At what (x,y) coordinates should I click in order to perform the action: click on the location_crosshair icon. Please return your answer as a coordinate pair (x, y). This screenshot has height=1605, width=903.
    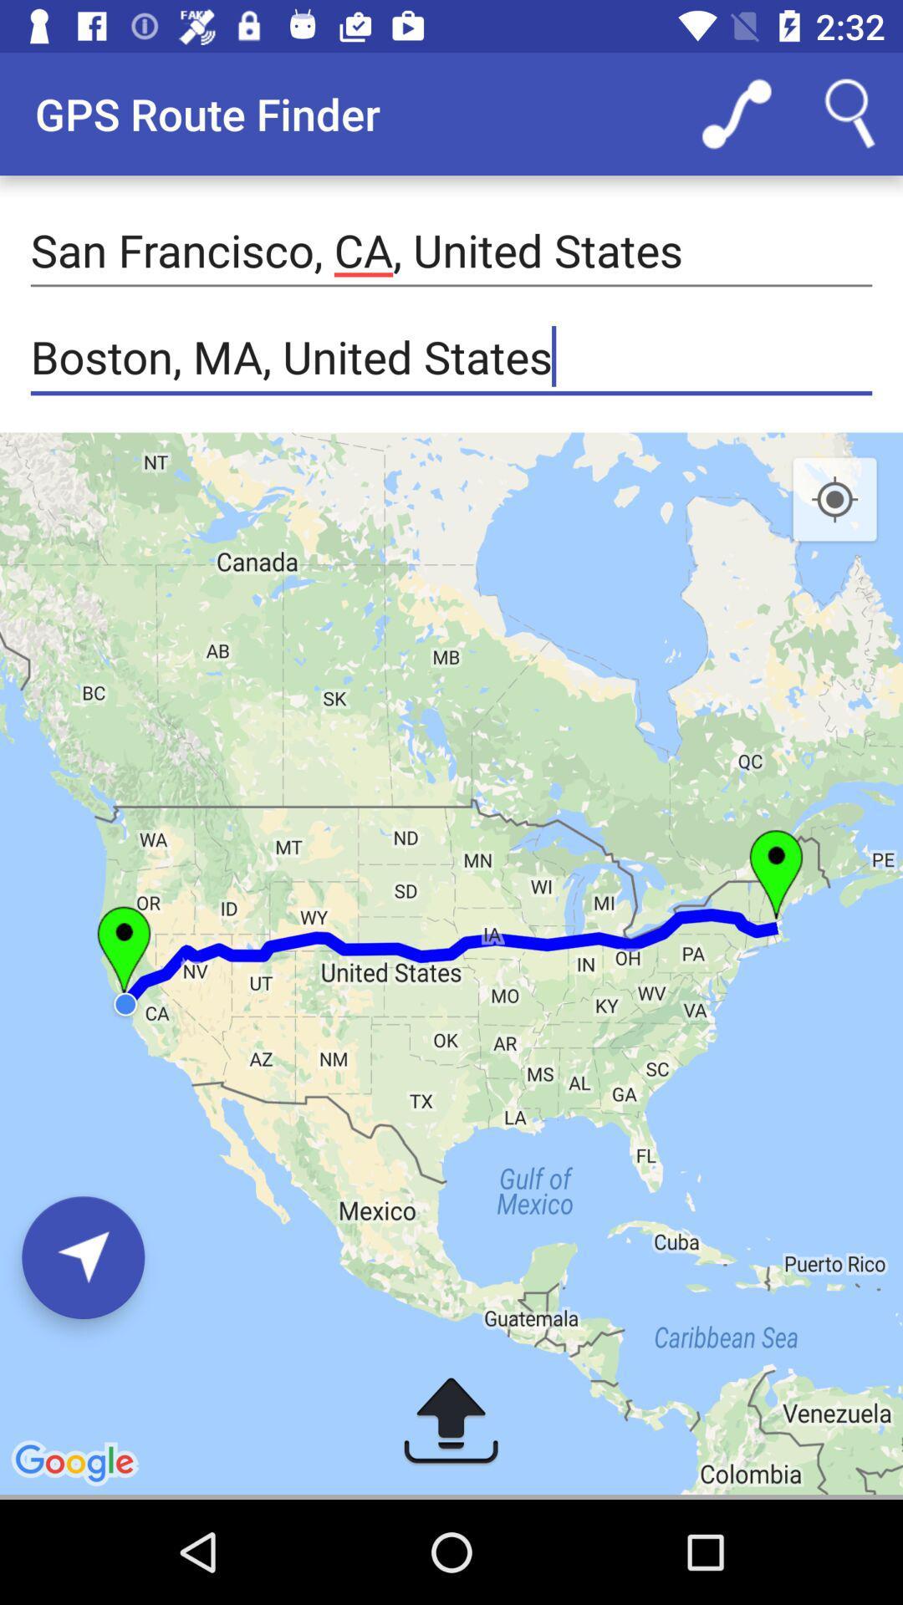
    Looking at the image, I should click on (834, 499).